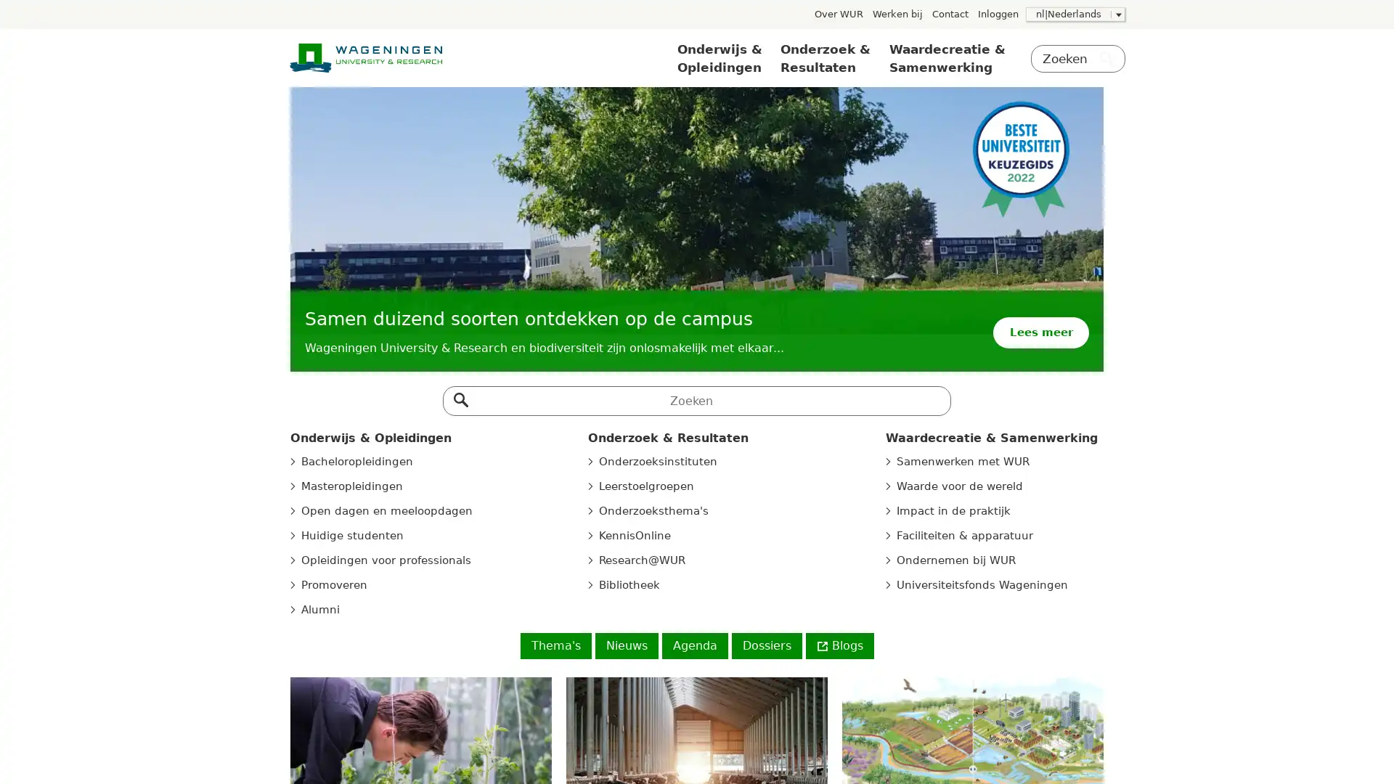 Image resolution: width=1394 pixels, height=784 pixels. I want to click on Zoek, so click(1106, 60).